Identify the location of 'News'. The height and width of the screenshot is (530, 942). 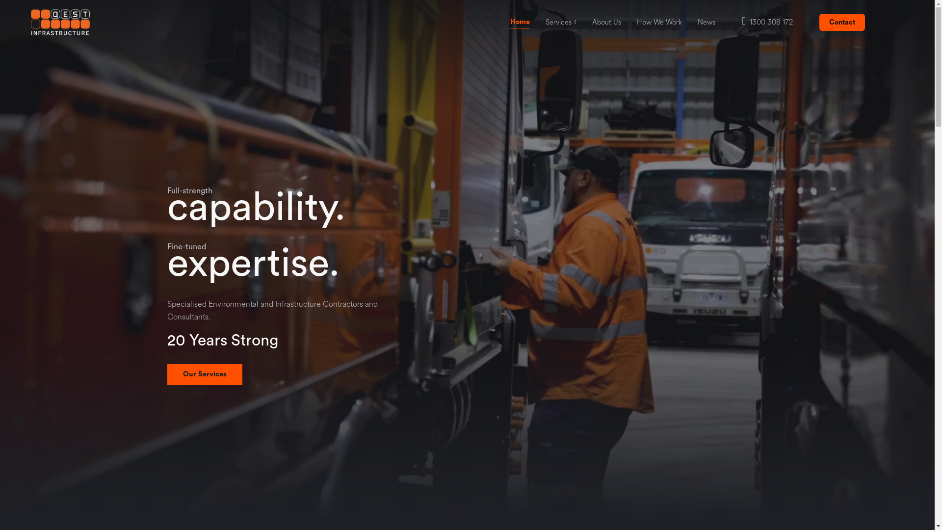
(697, 22).